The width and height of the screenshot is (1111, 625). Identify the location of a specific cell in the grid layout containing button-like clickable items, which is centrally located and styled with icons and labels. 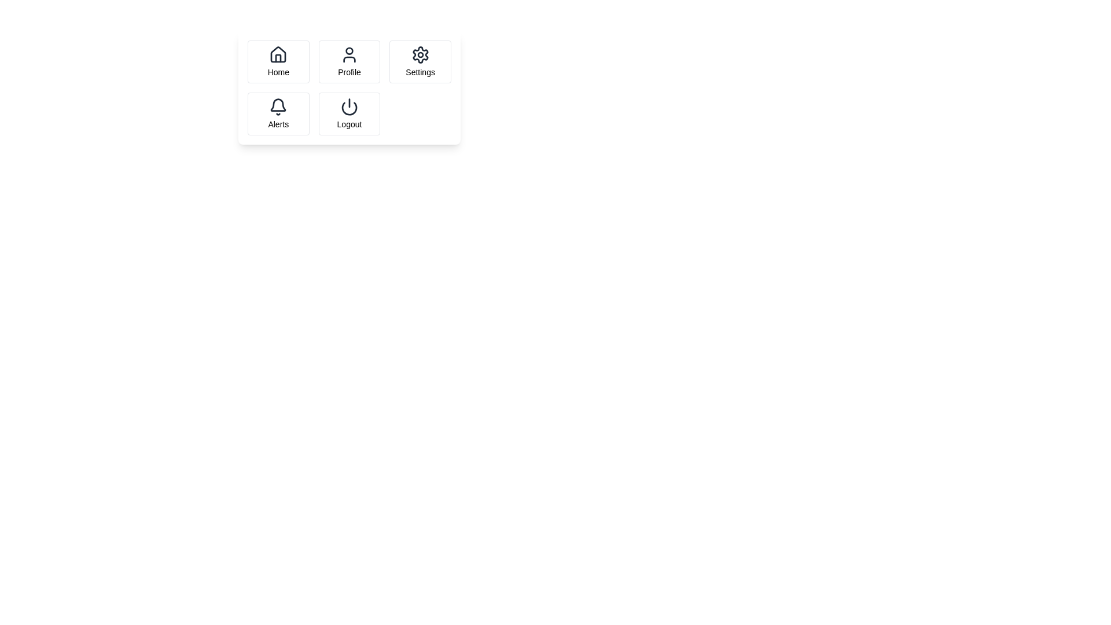
(349, 87).